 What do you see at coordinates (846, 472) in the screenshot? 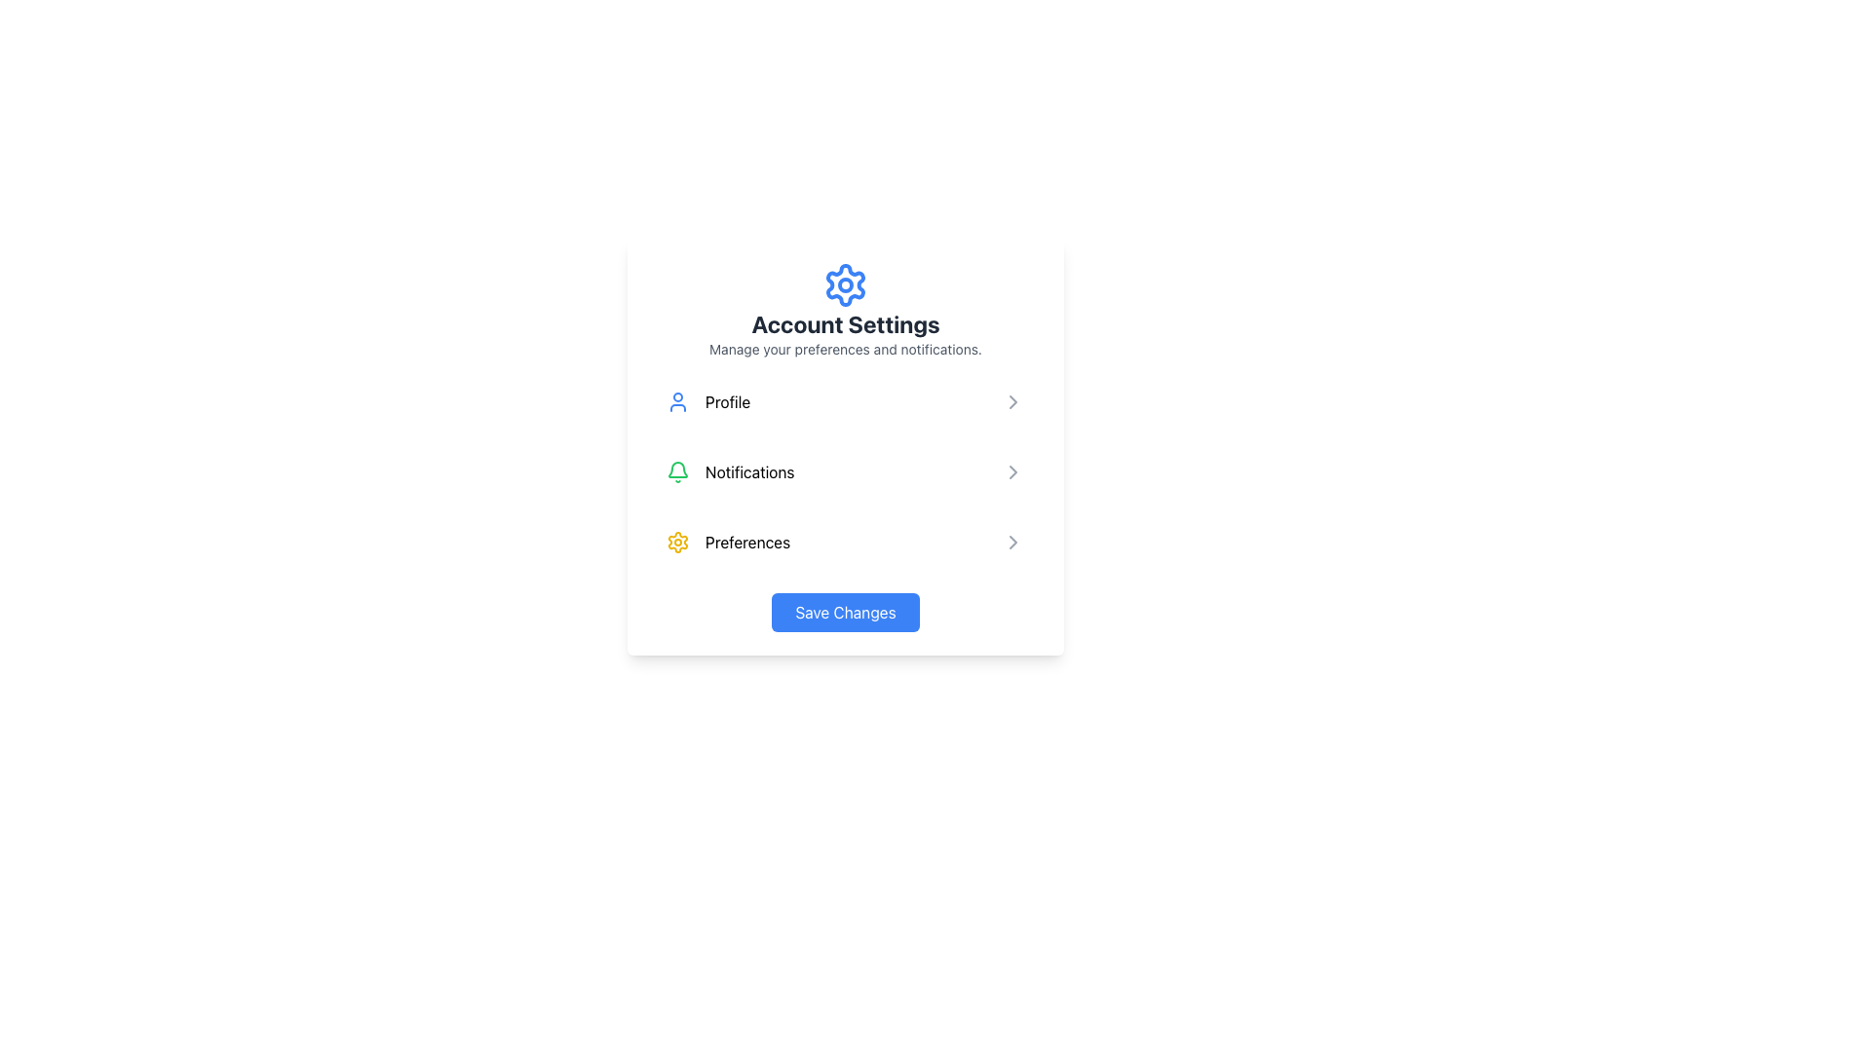
I see `the navigational list item in the account settings section` at bounding box center [846, 472].